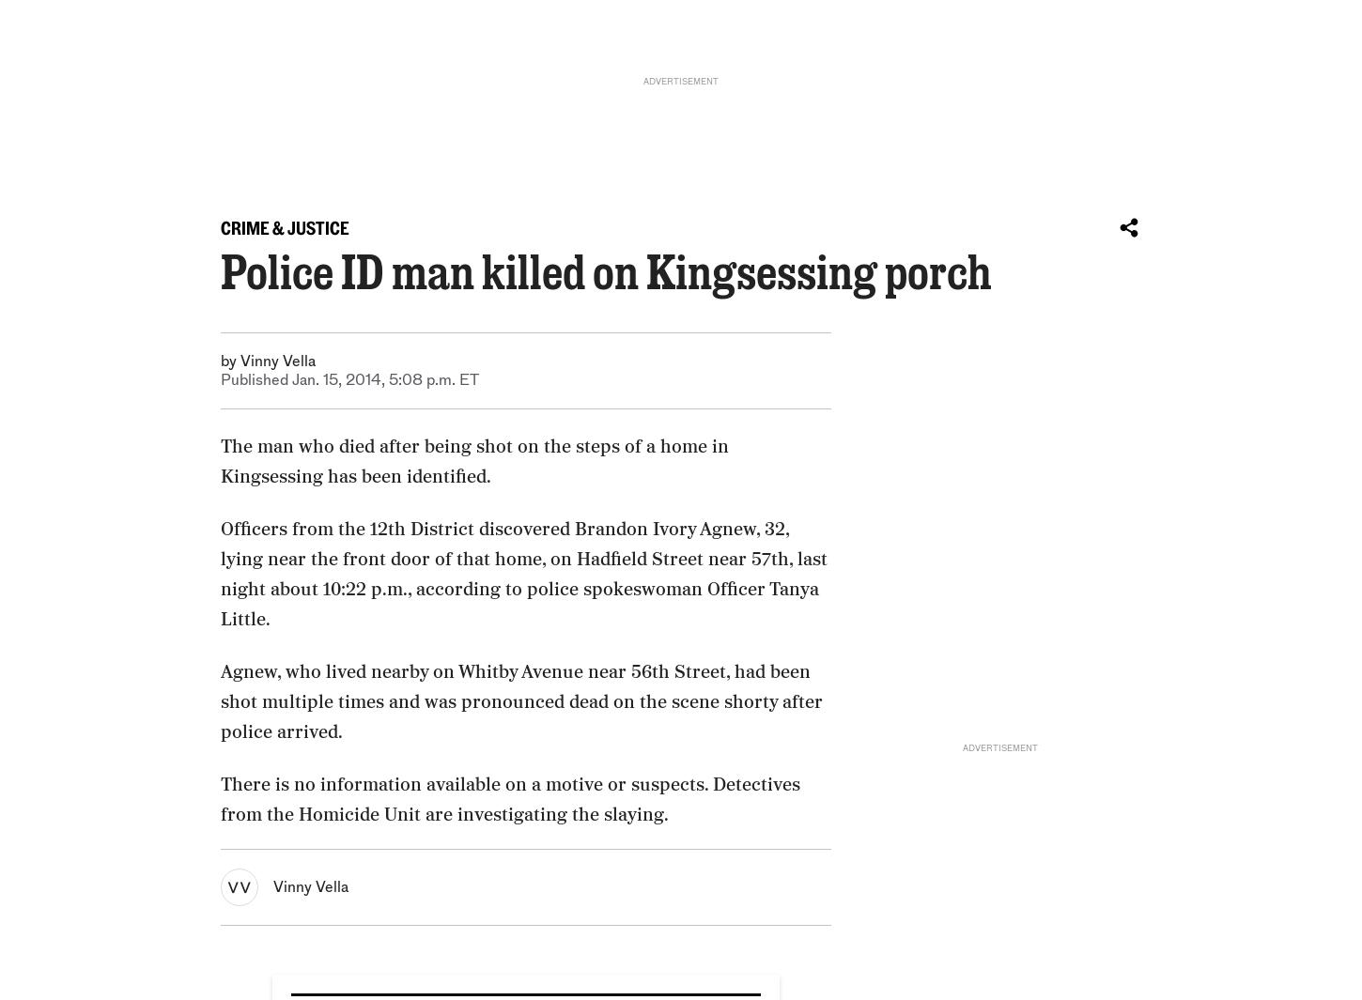  What do you see at coordinates (545, 115) in the screenshot?
I see `'Rodrigo Torrejón'` at bounding box center [545, 115].